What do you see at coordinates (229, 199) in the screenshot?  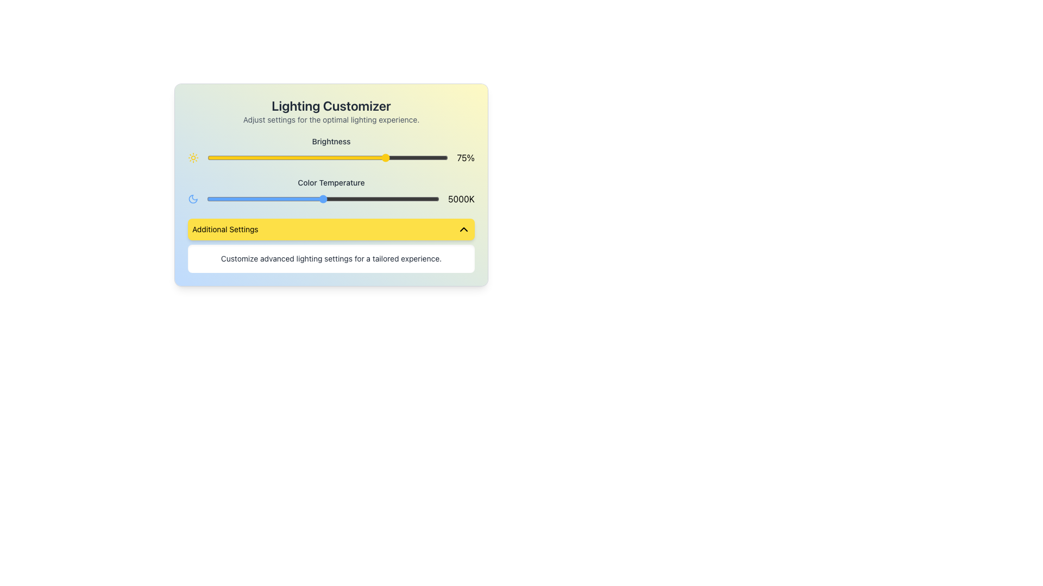 I see `the color temperature` at bounding box center [229, 199].